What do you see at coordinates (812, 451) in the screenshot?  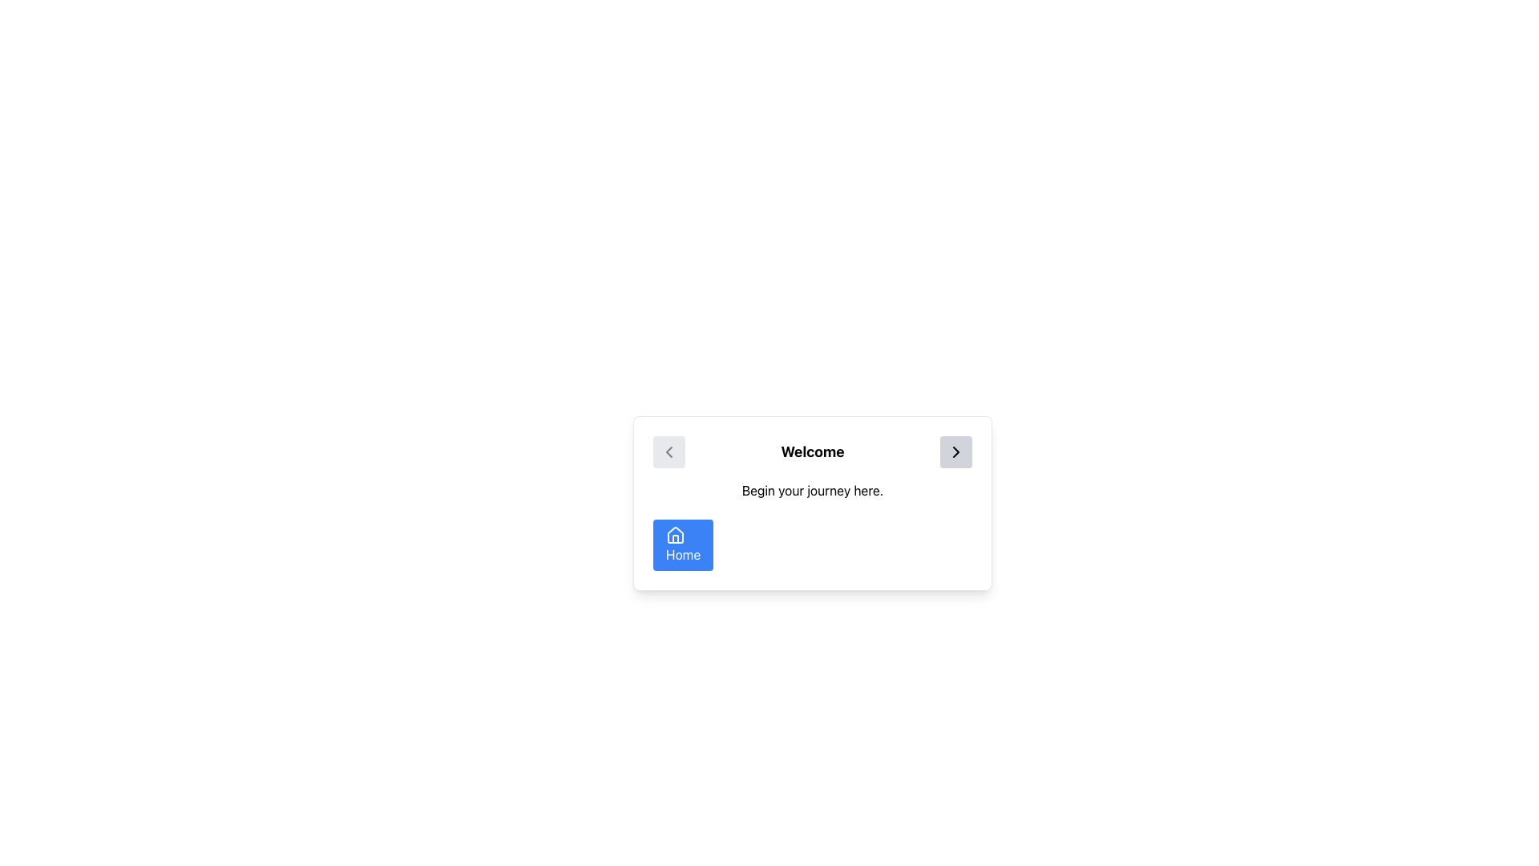 I see `the Navigational Header with the bold 'Welcome' text and chevron icons to highlight it` at bounding box center [812, 451].